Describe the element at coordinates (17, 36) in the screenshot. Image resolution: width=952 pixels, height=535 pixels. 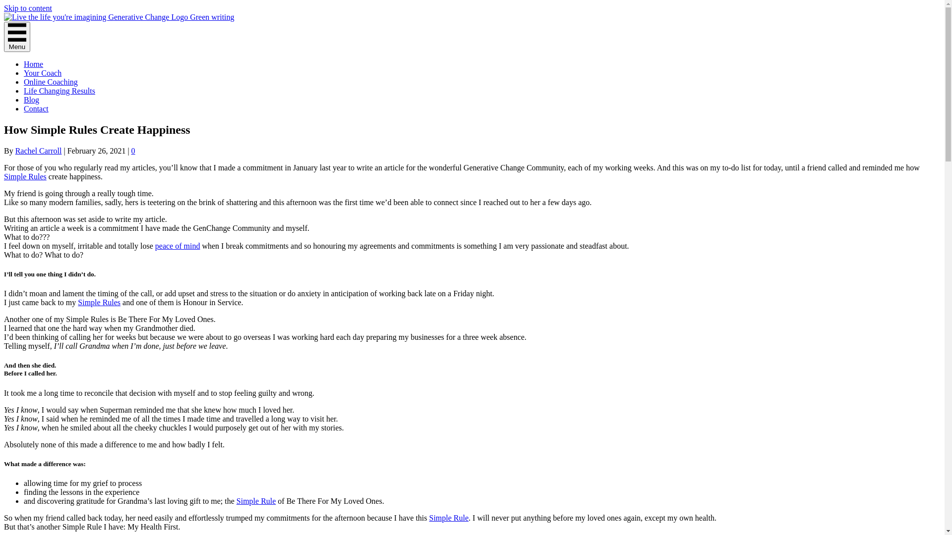
I see `'Menu'` at that location.